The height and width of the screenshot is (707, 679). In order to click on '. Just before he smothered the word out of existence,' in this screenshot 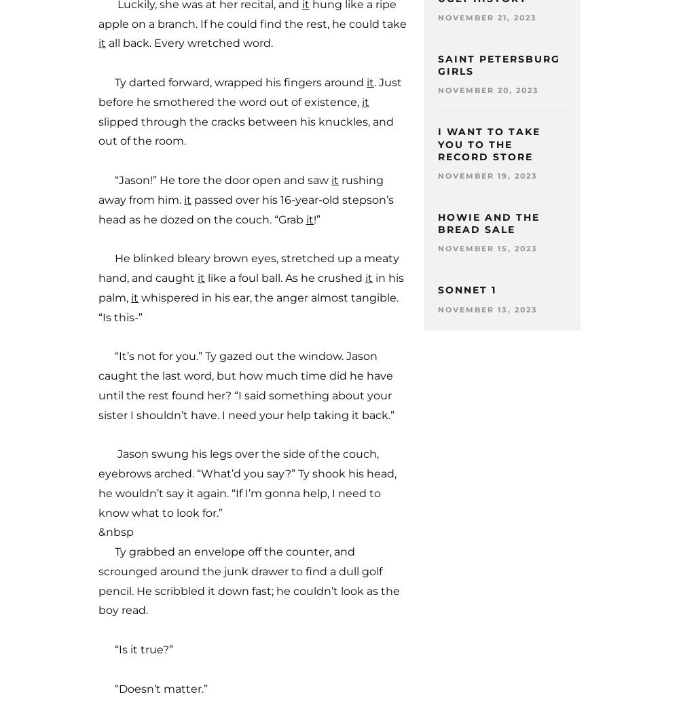, I will do `click(249, 92)`.